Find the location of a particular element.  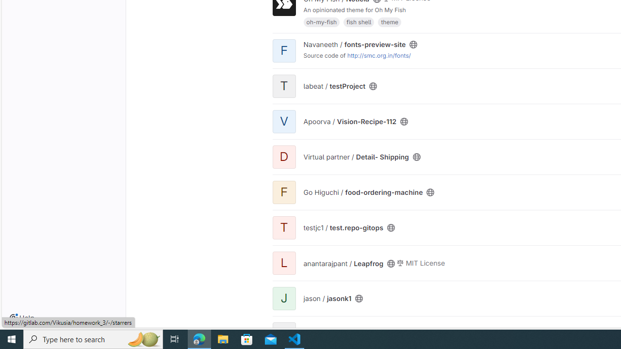

'http://smc.org.in/fonts/' is located at coordinates (378, 55).